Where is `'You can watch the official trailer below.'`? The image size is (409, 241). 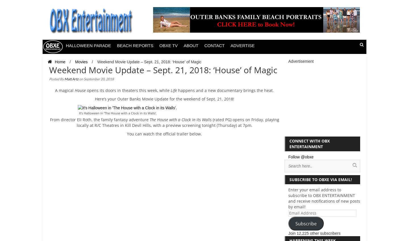
'You can watch the official trailer below.' is located at coordinates (127, 134).